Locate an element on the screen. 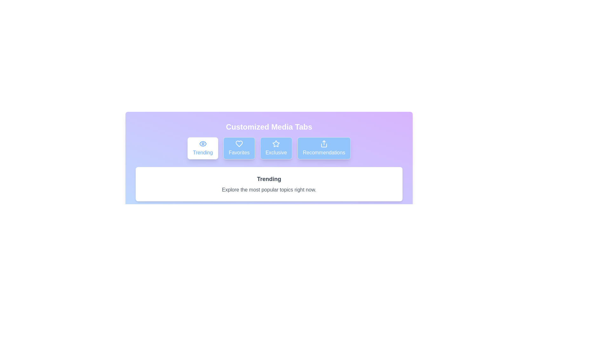 The width and height of the screenshot is (610, 343). the Exclusive tab is located at coordinates (276, 148).